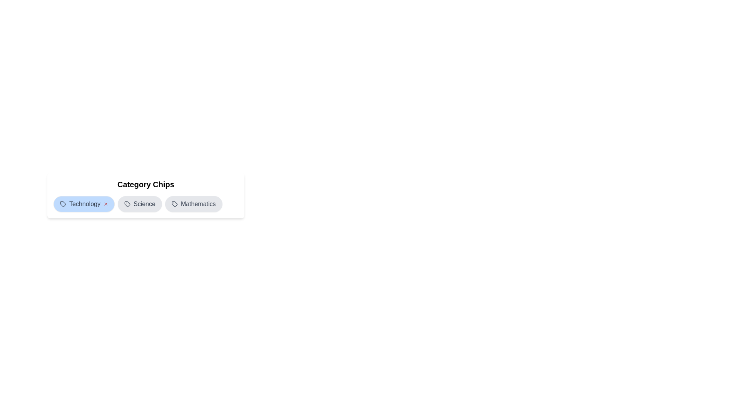 The image size is (739, 416). I want to click on the close icon of the 'Technology' category to deselect it, so click(105, 203).